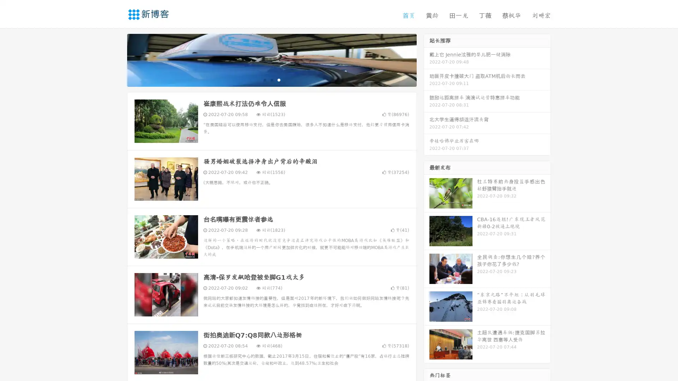  Describe the element at coordinates (264, 79) in the screenshot. I see `Go to slide 1` at that location.